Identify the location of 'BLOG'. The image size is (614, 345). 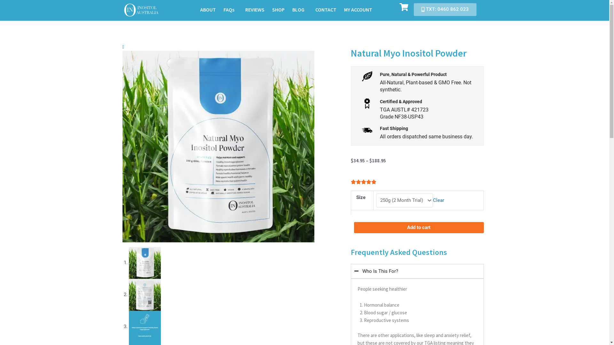
(299, 10).